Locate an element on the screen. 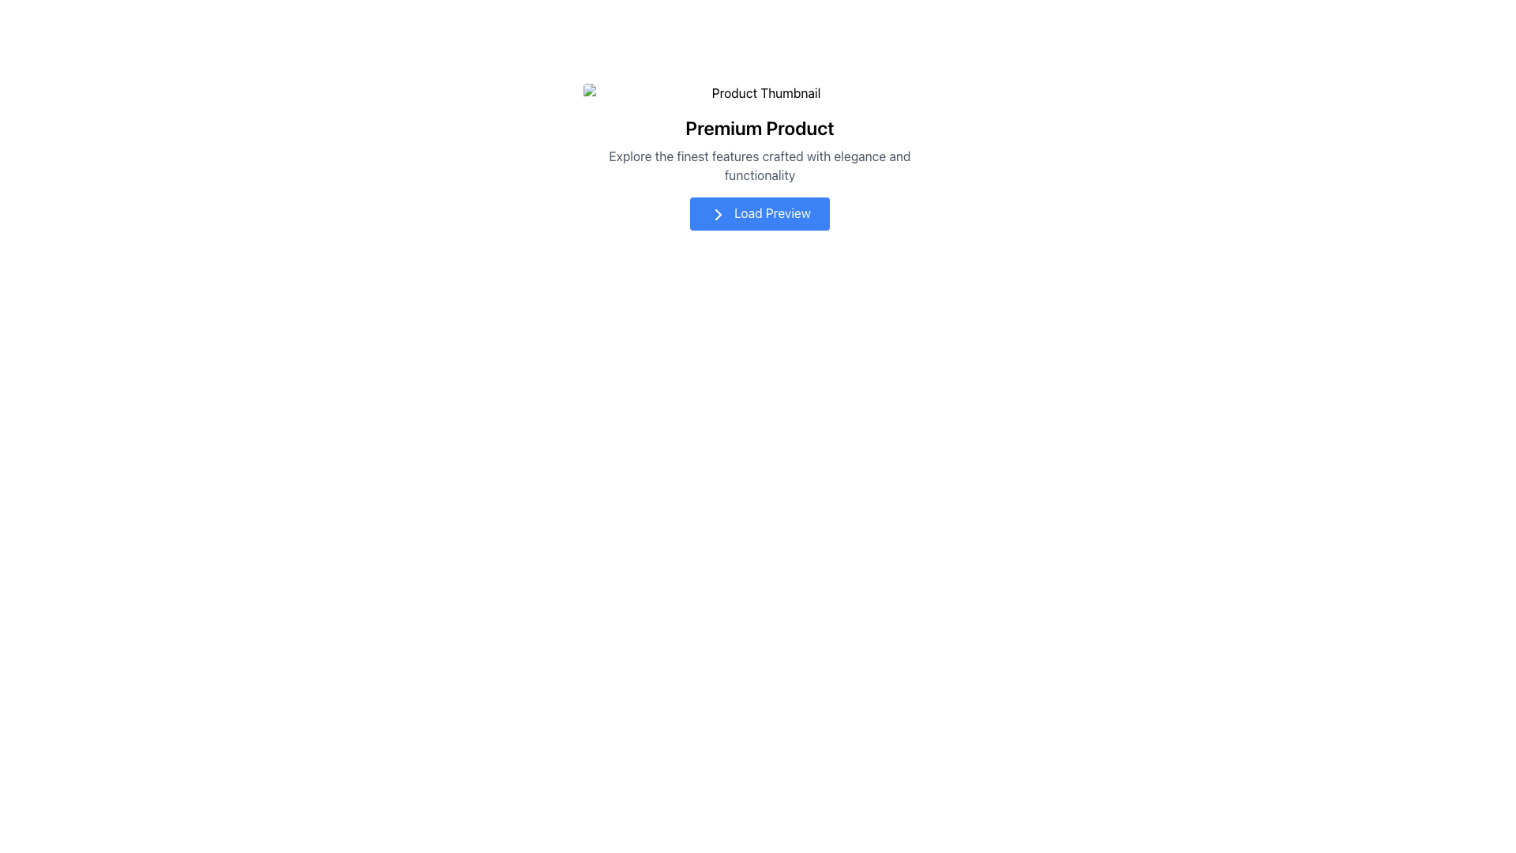 The height and width of the screenshot is (853, 1516). the button that initiates loading a preview, located below the description text 'Explore the finest features crafted with elegance and functionality', to change its appearance is located at coordinates (760, 213).